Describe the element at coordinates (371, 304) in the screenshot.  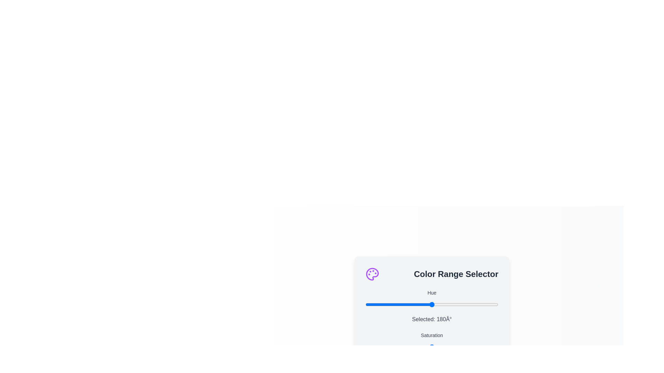
I see `the hue value on the slider` at that location.